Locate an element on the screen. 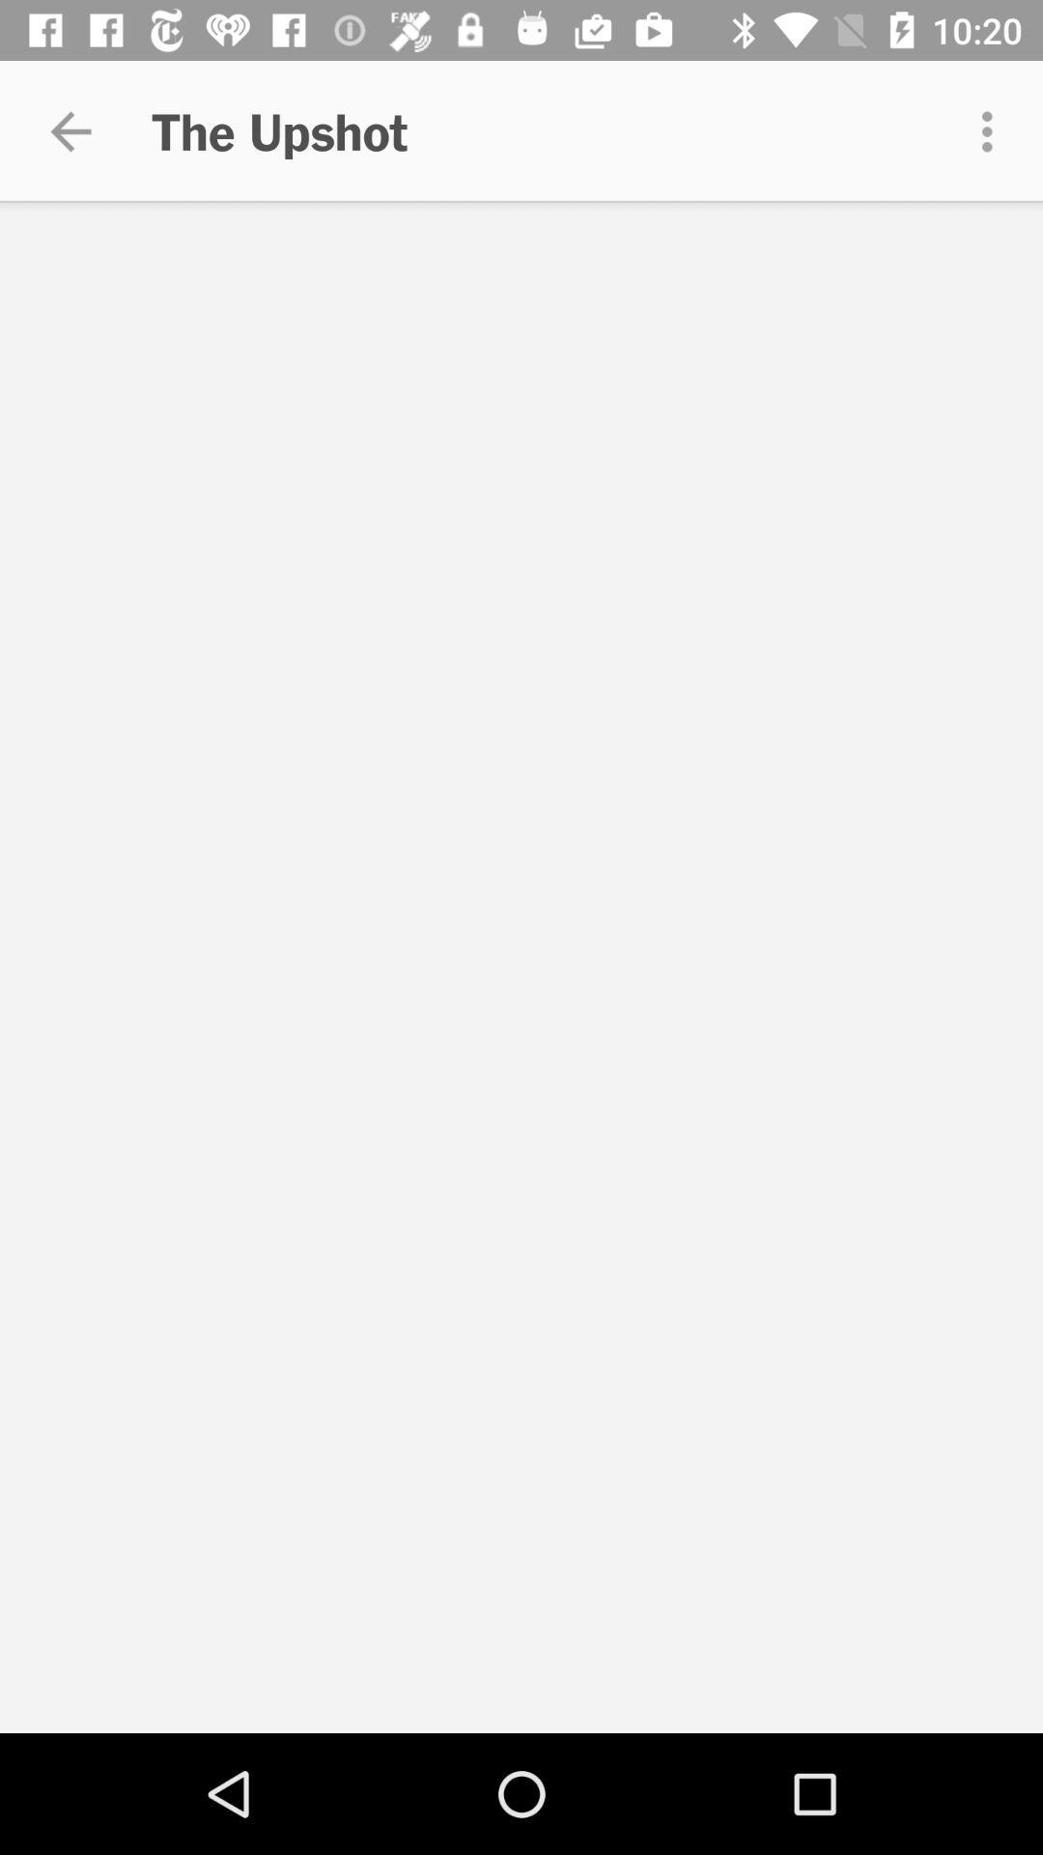 Image resolution: width=1043 pixels, height=1855 pixels. app next to the upshot item is located at coordinates (992, 130).